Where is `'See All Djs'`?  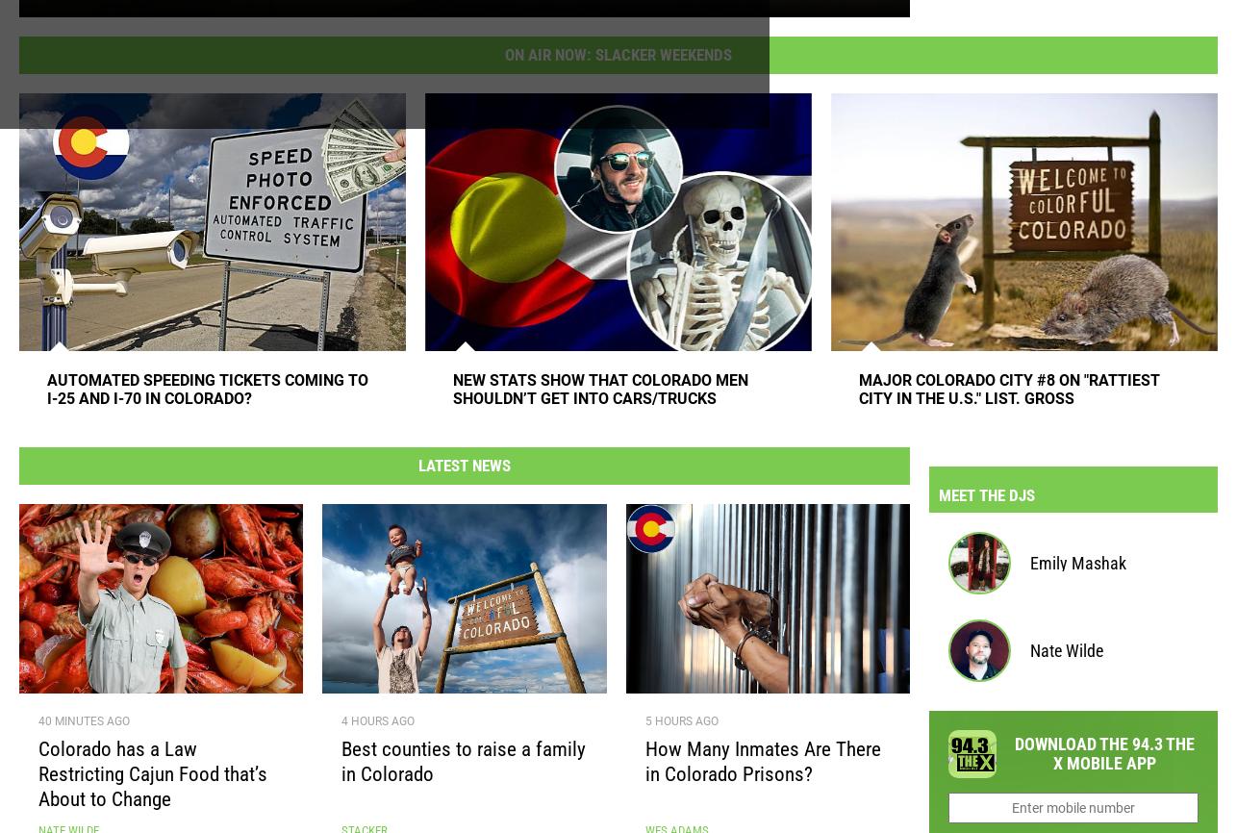
'See All Djs' is located at coordinates (1168, 485).